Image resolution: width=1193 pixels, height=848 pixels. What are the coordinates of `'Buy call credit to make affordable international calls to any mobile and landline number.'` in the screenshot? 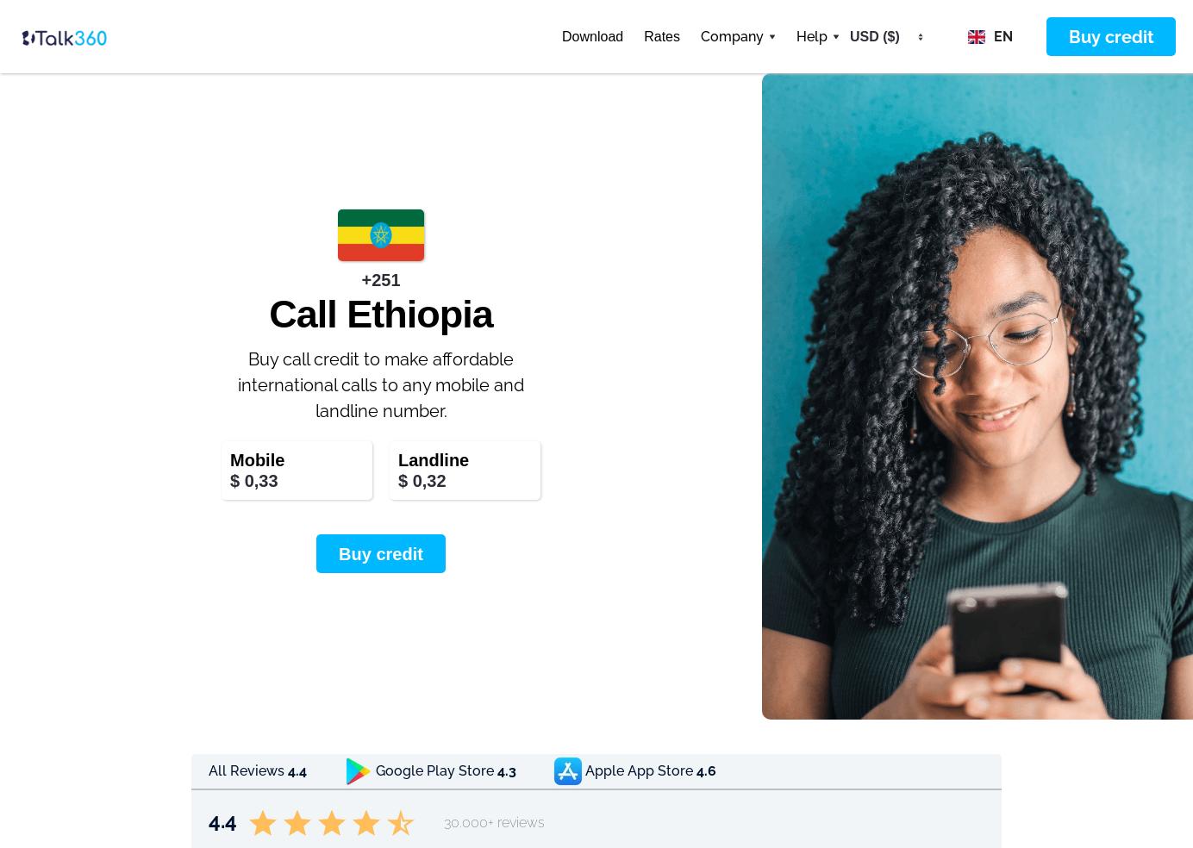 It's located at (381, 385).